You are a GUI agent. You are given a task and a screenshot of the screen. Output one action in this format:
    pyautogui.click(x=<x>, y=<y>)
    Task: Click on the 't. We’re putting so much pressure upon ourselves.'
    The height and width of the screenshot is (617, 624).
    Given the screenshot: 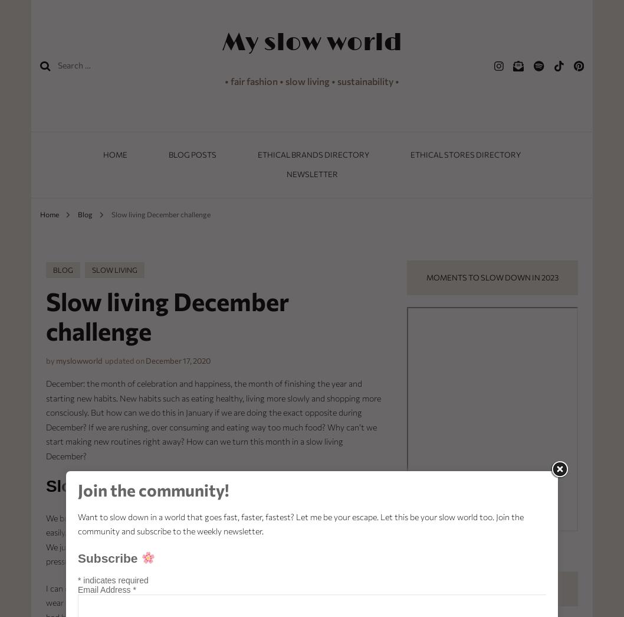 What is the action you would take?
    pyautogui.click(x=204, y=553)
    